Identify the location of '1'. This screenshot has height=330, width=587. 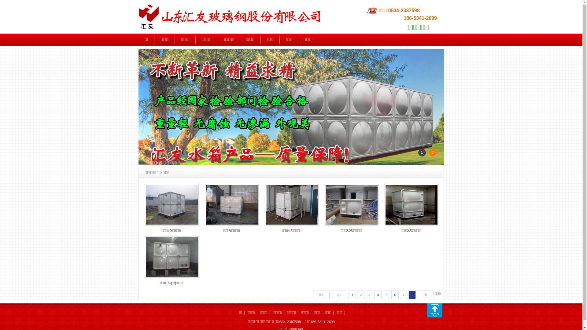
(349, 294).